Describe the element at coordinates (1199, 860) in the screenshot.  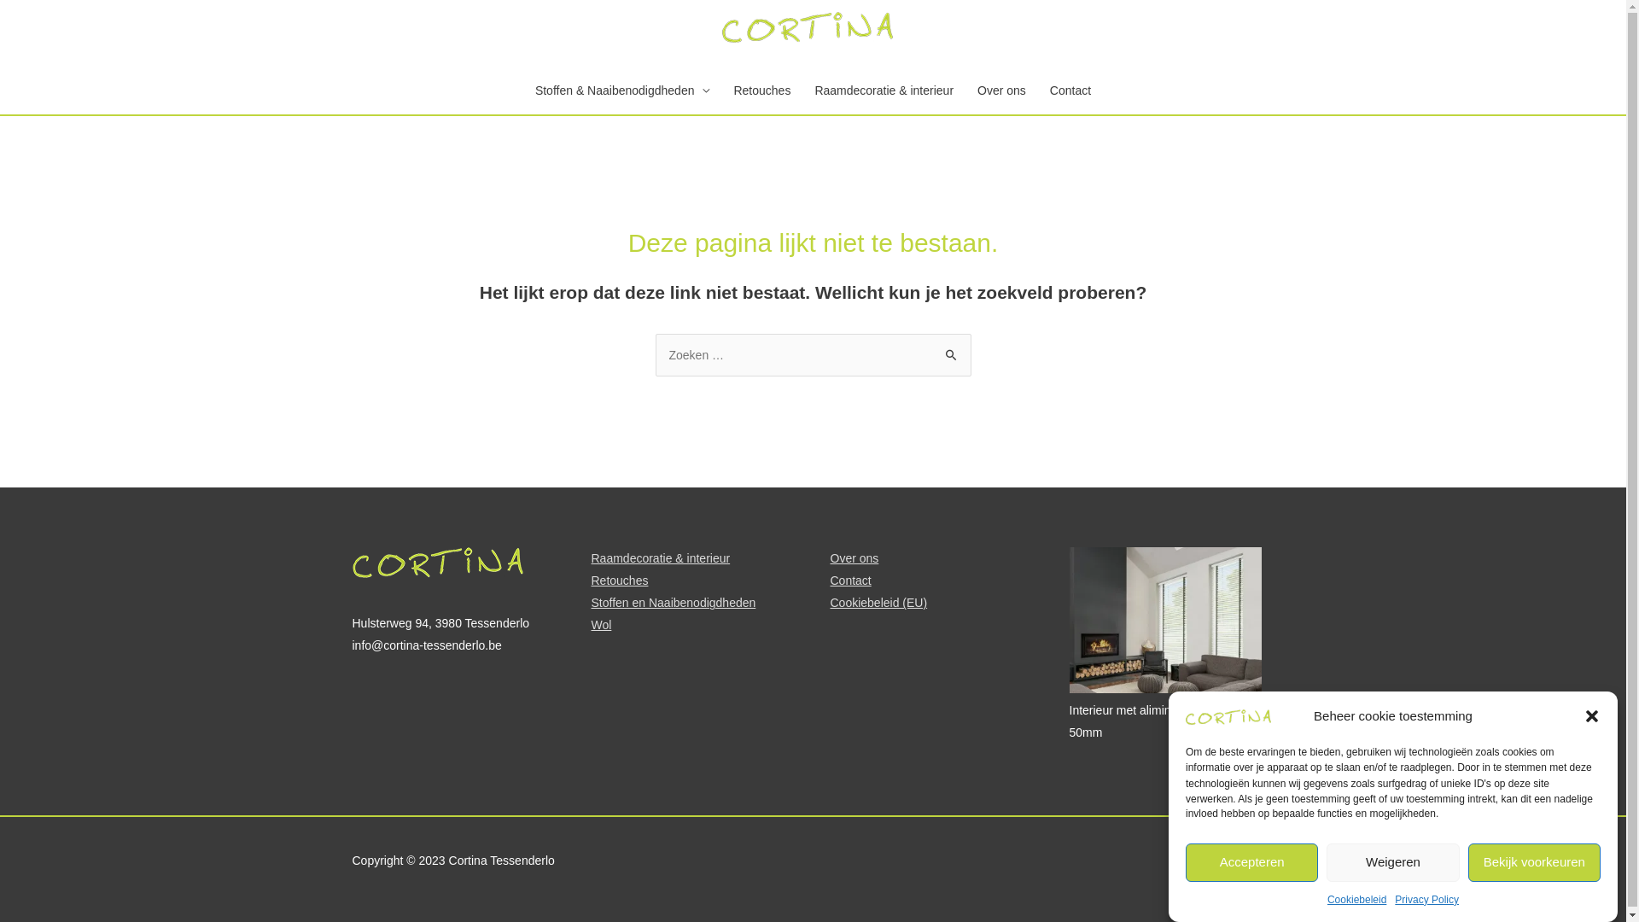
I see `'Privacy Policy'` at that location.